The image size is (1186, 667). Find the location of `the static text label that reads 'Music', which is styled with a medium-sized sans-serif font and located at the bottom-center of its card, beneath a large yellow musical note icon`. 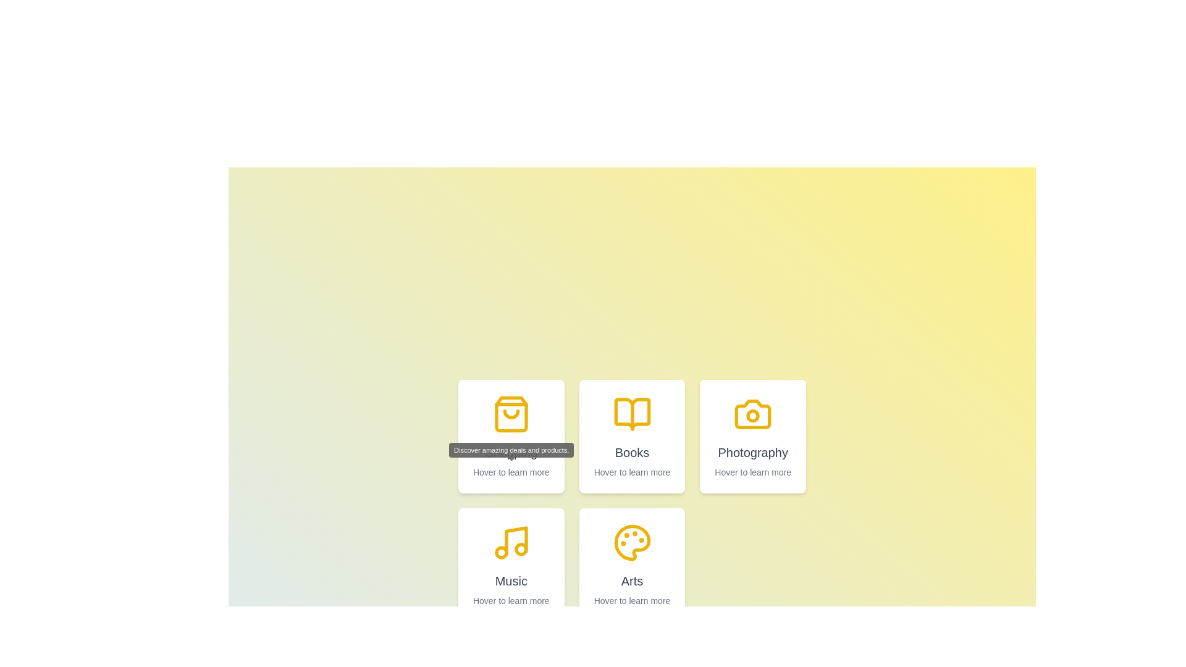

the static text label that reads 'Music', which is styled with a medium-sized sans-serif font and located at the bottom-center of its card, beneath a large yellow musical note icon is located at coordinates (511, 581).